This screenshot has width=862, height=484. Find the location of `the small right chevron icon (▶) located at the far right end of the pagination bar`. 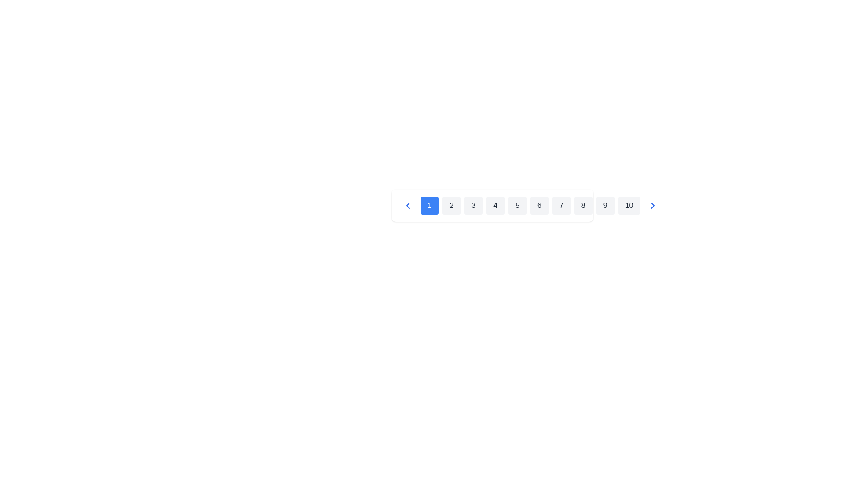

the small right chevron icon (▶) located at the far right end of the pagination bar is located at coordinates (653, 206).